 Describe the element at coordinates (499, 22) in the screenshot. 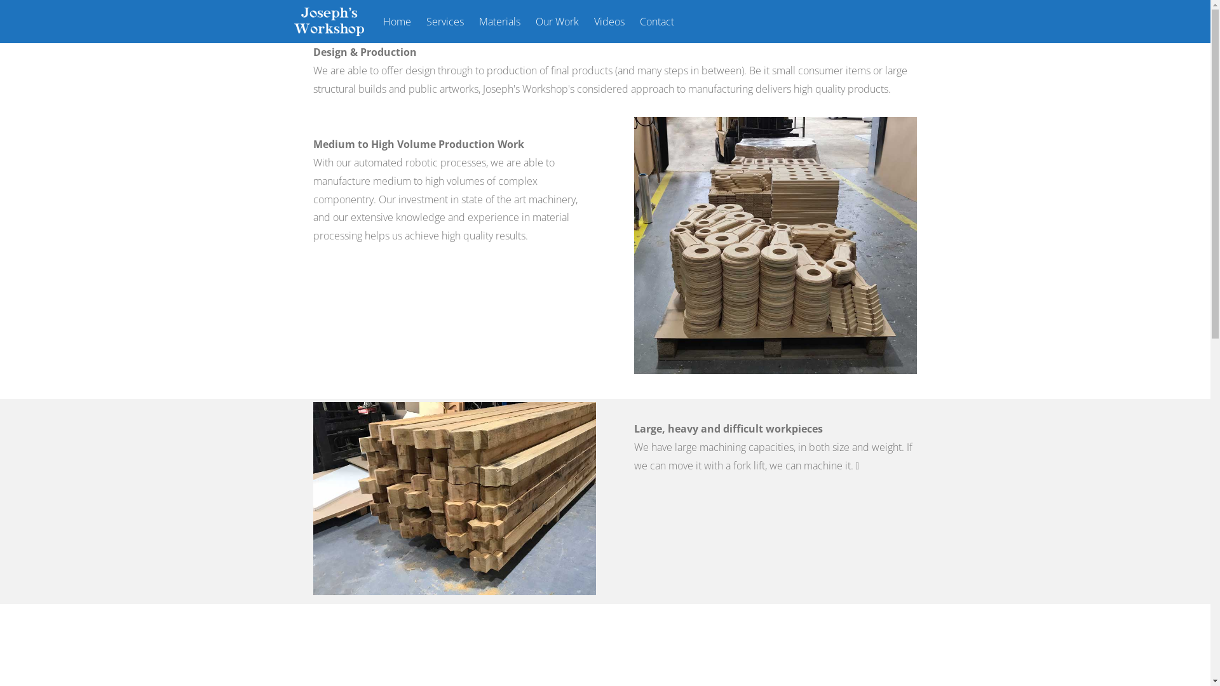

I see `'Materials'` at that location.